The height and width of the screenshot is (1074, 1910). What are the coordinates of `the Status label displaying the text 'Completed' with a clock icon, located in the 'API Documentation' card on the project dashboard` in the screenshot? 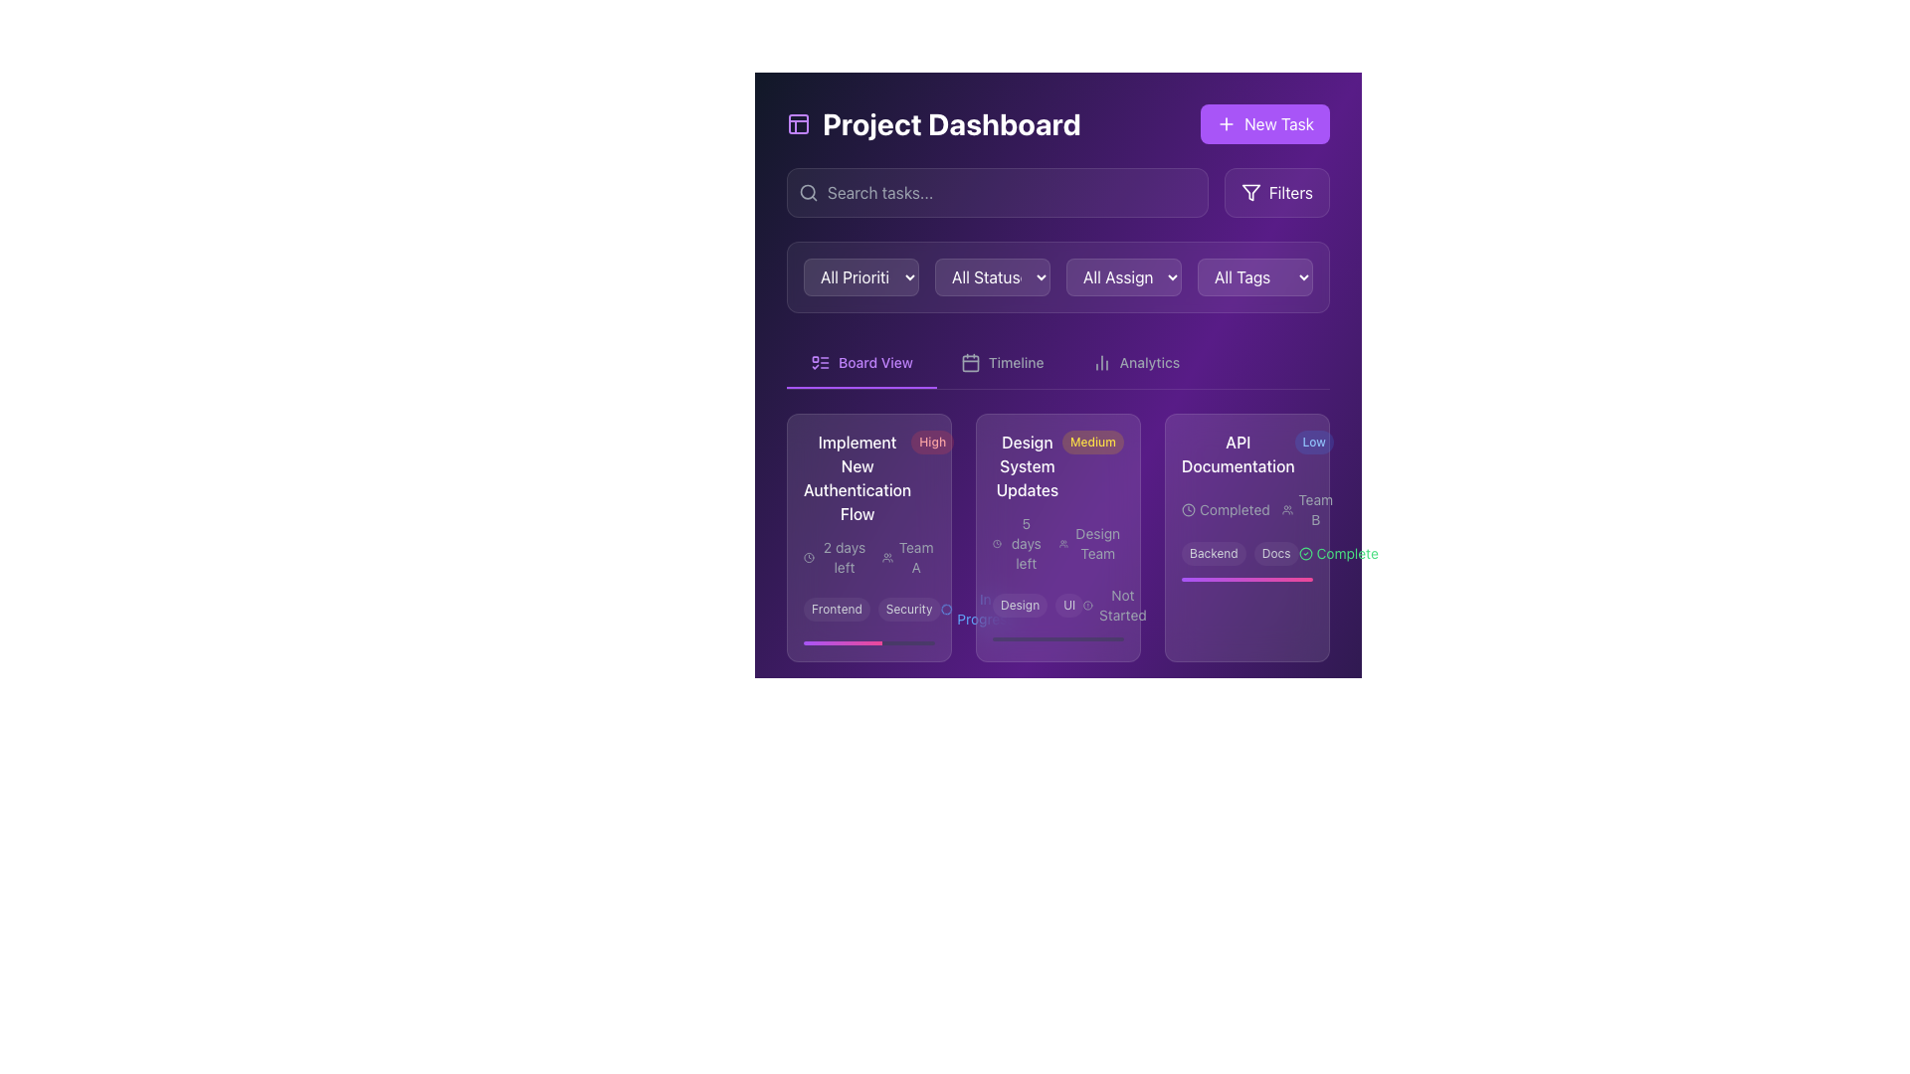 It's located at (1225, 509).